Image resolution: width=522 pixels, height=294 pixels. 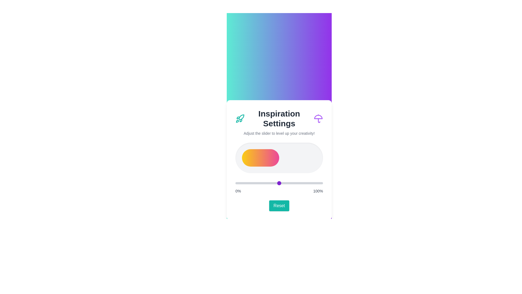 What do you see at coordinates (262, 183) in the screenshot?
I see `the slider to 30%` at bounding box center [262, 183].